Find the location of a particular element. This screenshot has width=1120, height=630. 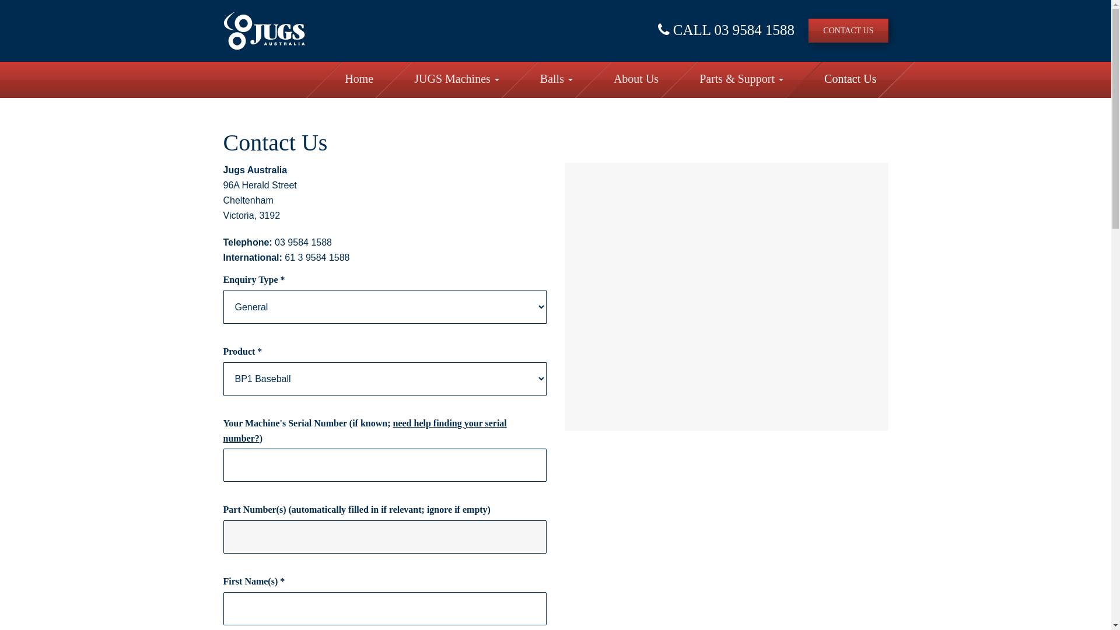

'Parts & Support' is located at coordinates (741, 79).